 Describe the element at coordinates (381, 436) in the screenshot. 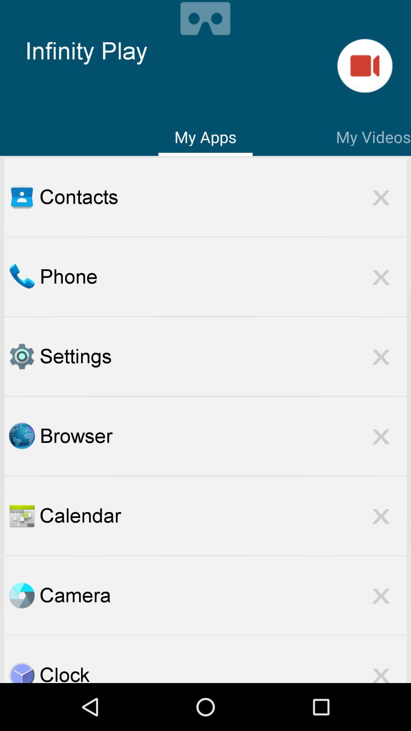

I see `out of browser` at that location.